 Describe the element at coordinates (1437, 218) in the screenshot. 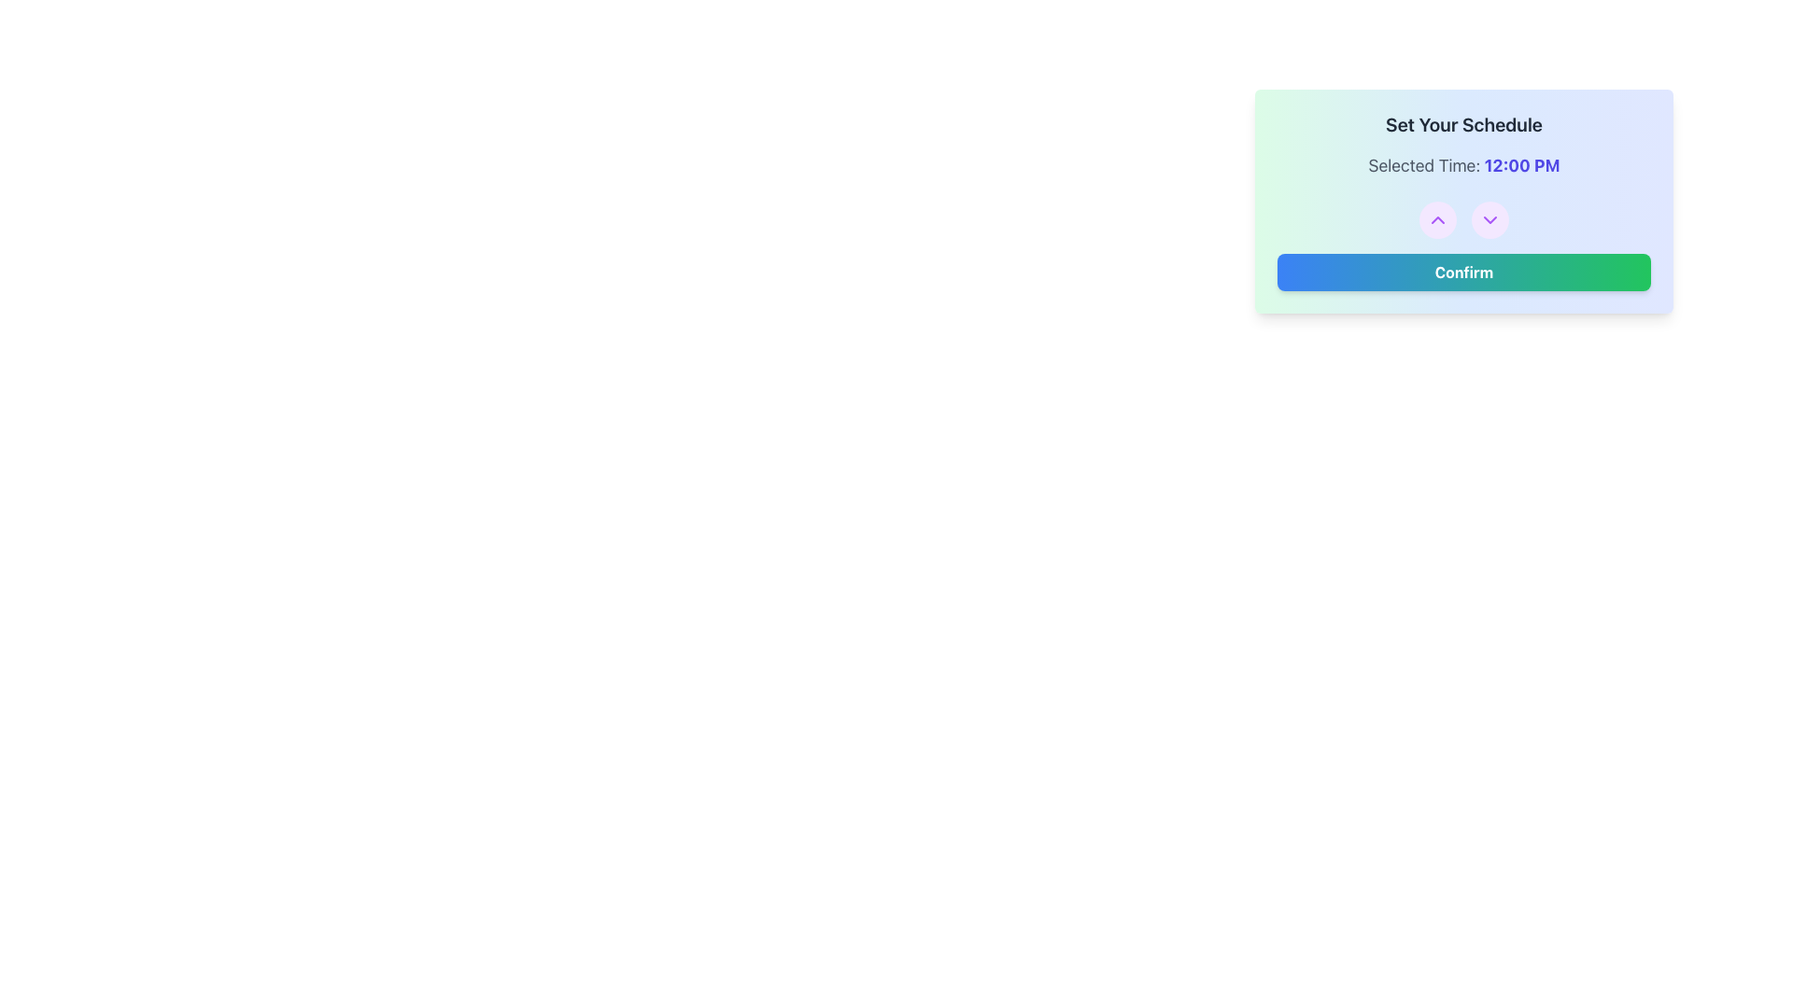

I see `the upward arrow icon in the schedule-setting panel to increment the time` at that location.